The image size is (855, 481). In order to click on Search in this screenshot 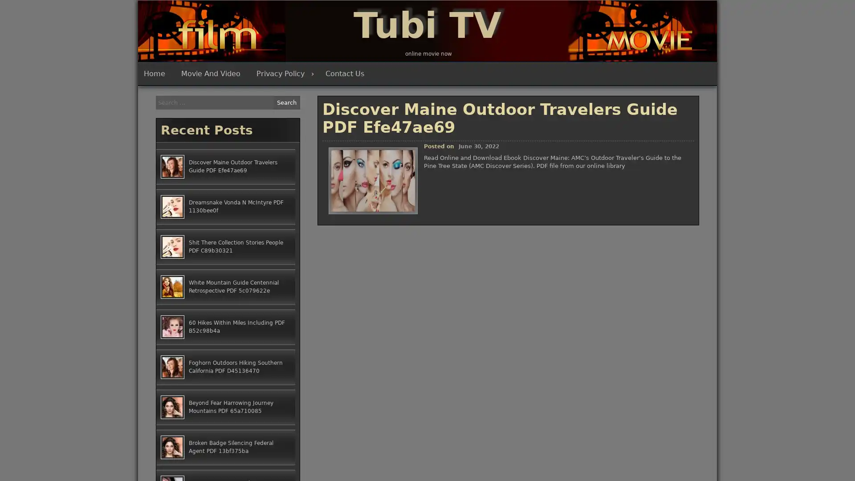, I will do `click(286, 102)`.